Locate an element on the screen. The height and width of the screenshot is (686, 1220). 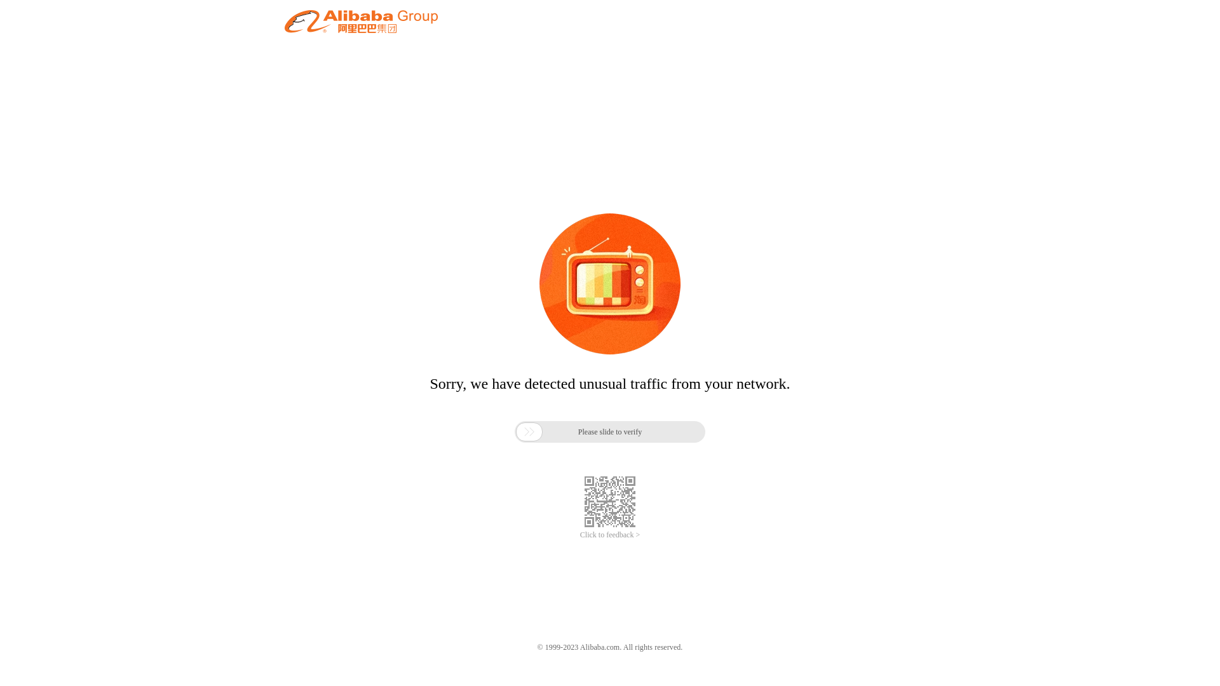
'Click to feedback >' is located at coordinates (610, 535).